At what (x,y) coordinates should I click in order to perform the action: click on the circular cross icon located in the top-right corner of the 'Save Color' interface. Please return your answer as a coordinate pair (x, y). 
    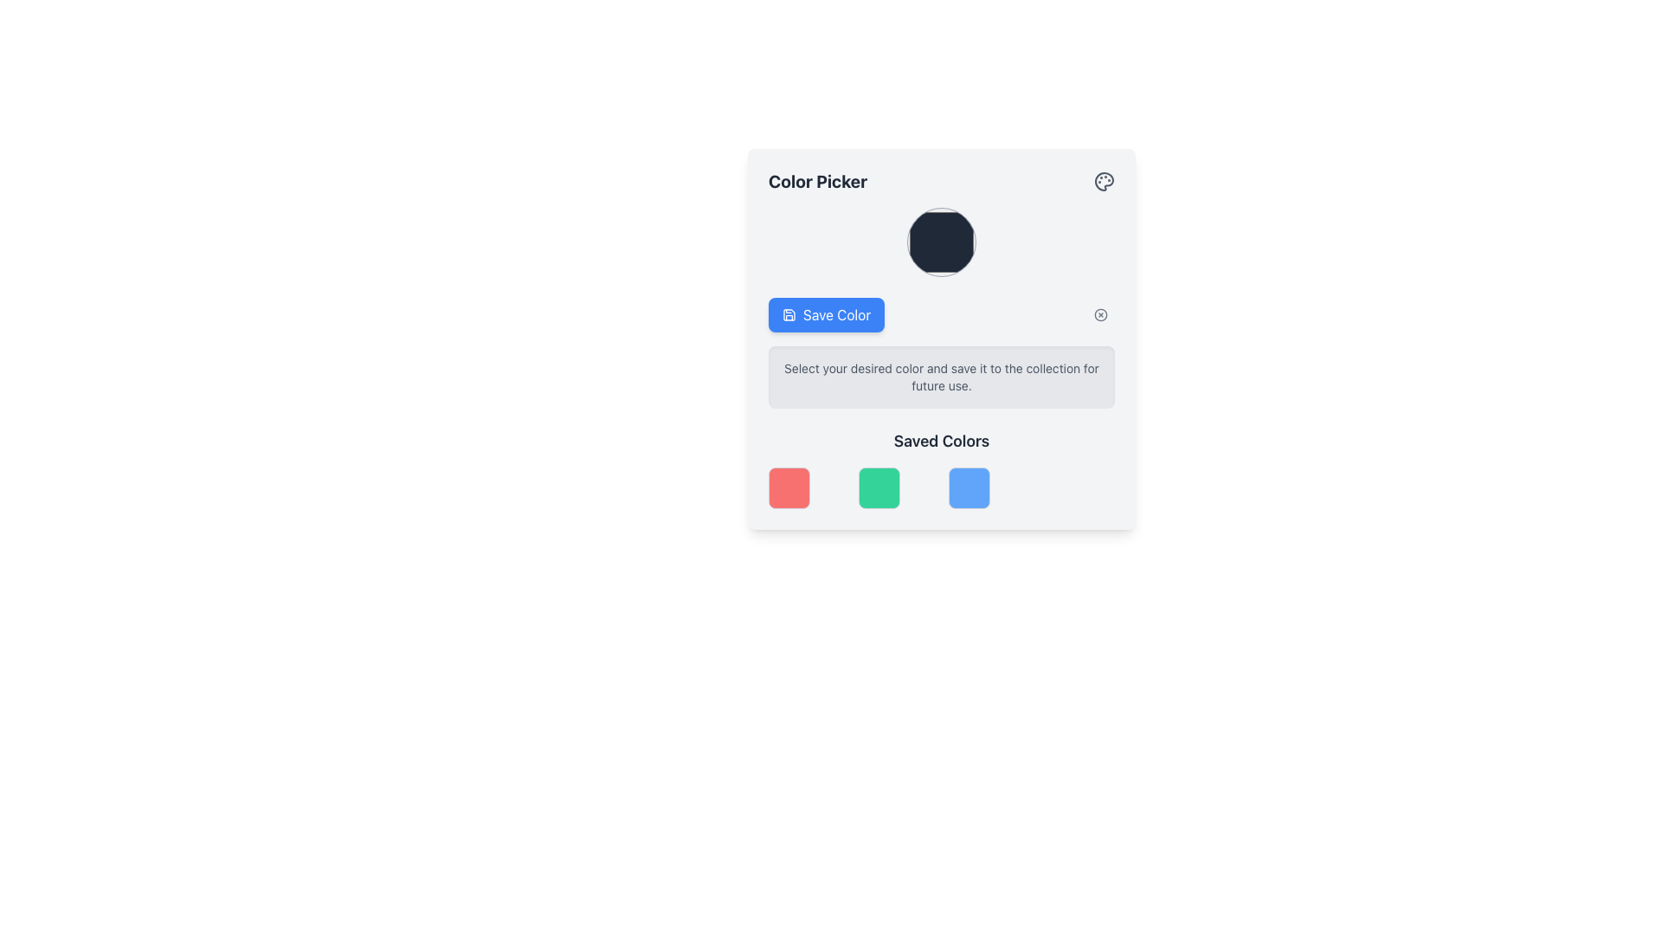
    Looking at the image, I should click on (1100, 314).